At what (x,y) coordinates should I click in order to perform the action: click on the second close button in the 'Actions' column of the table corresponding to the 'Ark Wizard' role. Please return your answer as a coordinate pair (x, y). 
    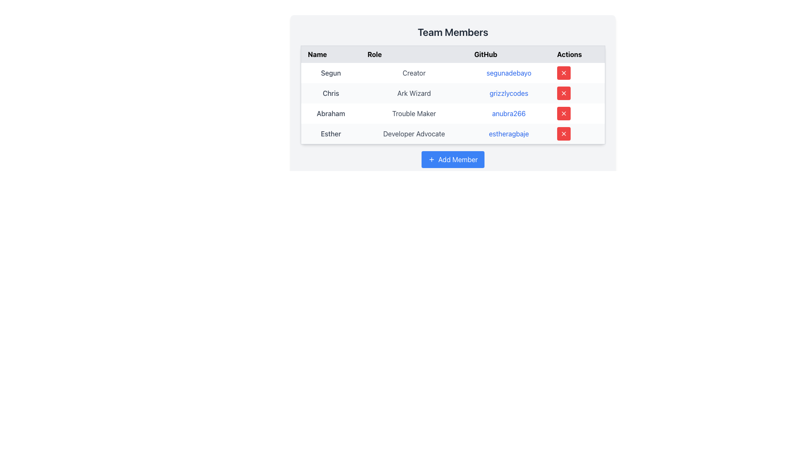
    Looking at the image, I should click on (563, 73).